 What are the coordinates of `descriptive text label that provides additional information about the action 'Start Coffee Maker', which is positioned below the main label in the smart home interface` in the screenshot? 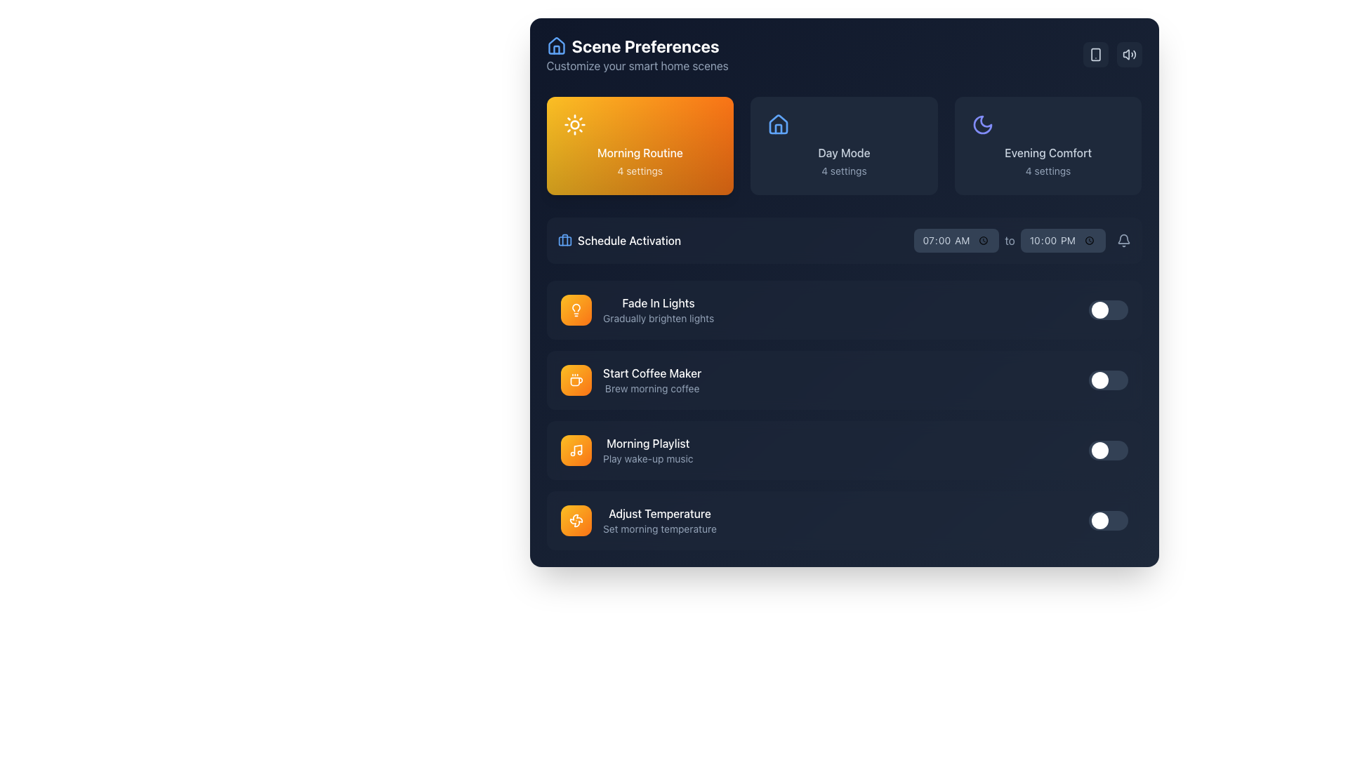 It's located at (651, 389).